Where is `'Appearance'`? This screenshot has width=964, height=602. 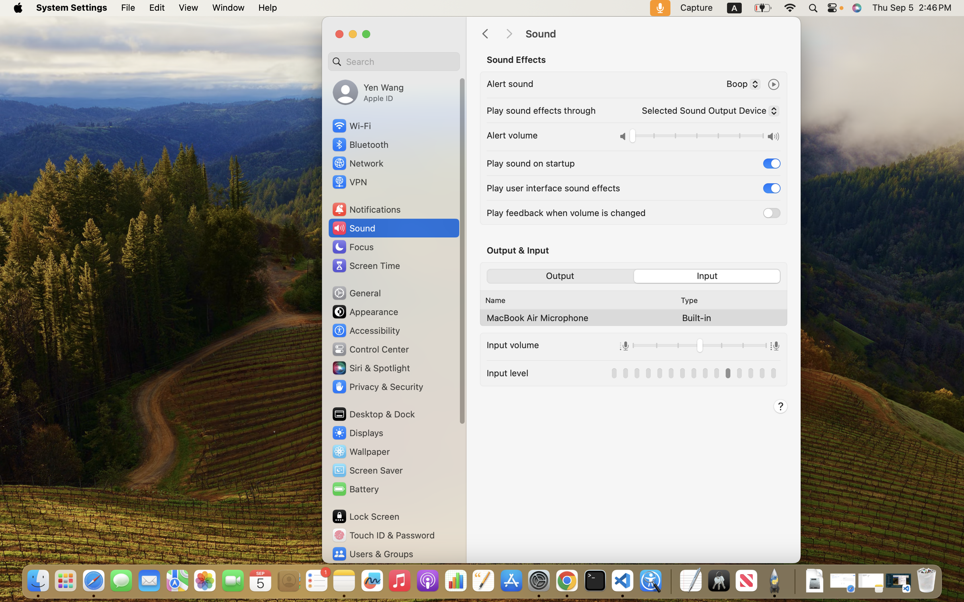 'Appearance' is located at coordinates (364, 311).